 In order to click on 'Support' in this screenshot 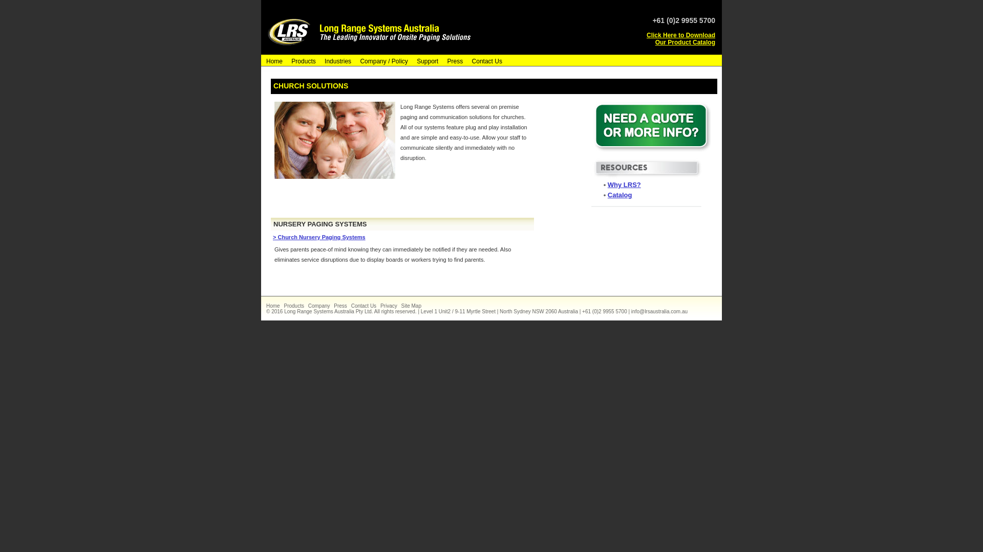, I will do `click(425, 61)`.